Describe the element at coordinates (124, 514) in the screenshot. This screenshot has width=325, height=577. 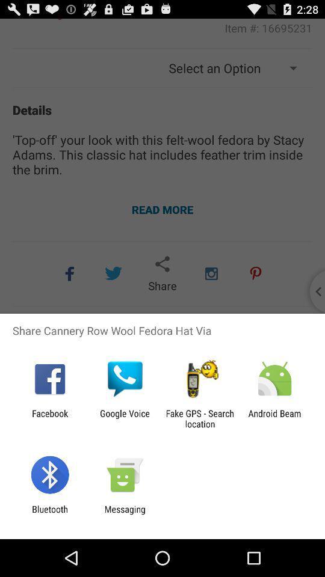
I see `the messaging app` at that location.